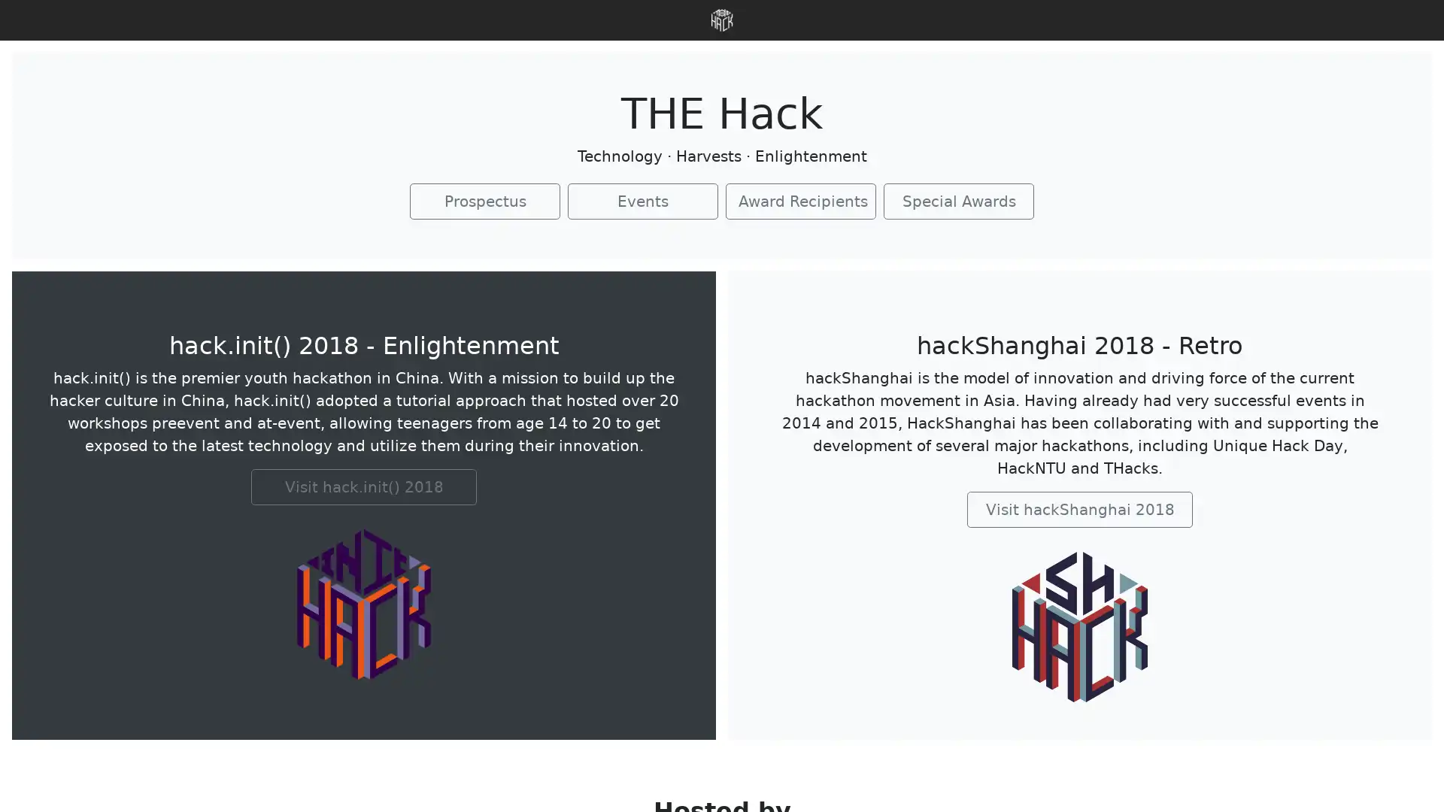  Describe the element at coordinates (1078, 508) in the screenshot. I see `Visit hackShanghai 2018` at that location.